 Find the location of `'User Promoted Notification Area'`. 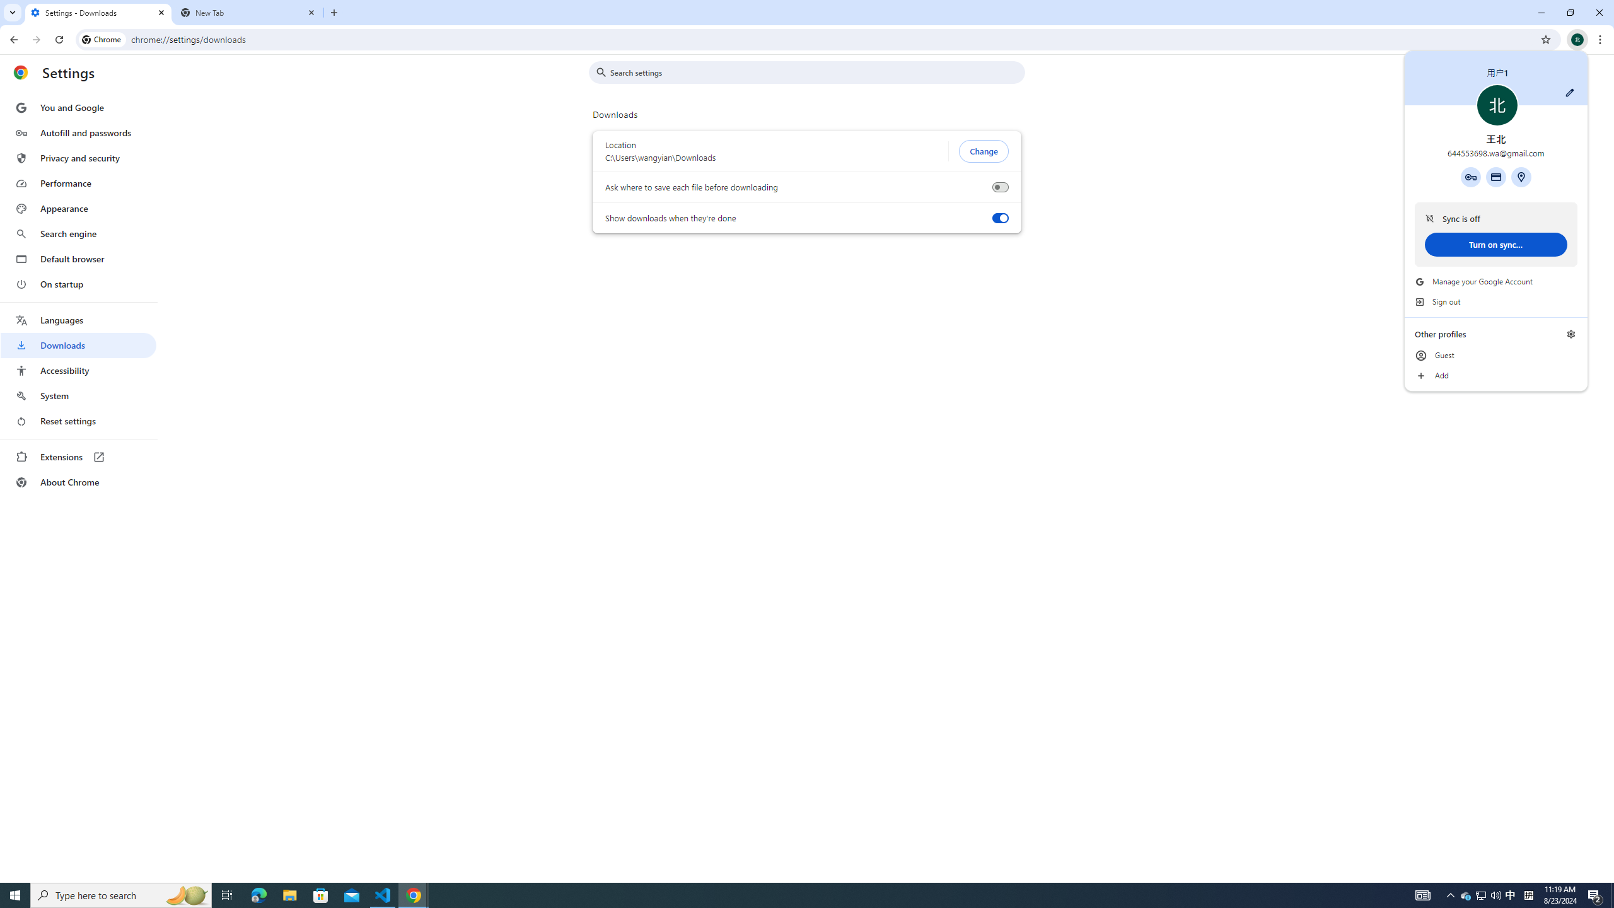

'User Promoted Notification Area' is located at coordinates (1481, 894).